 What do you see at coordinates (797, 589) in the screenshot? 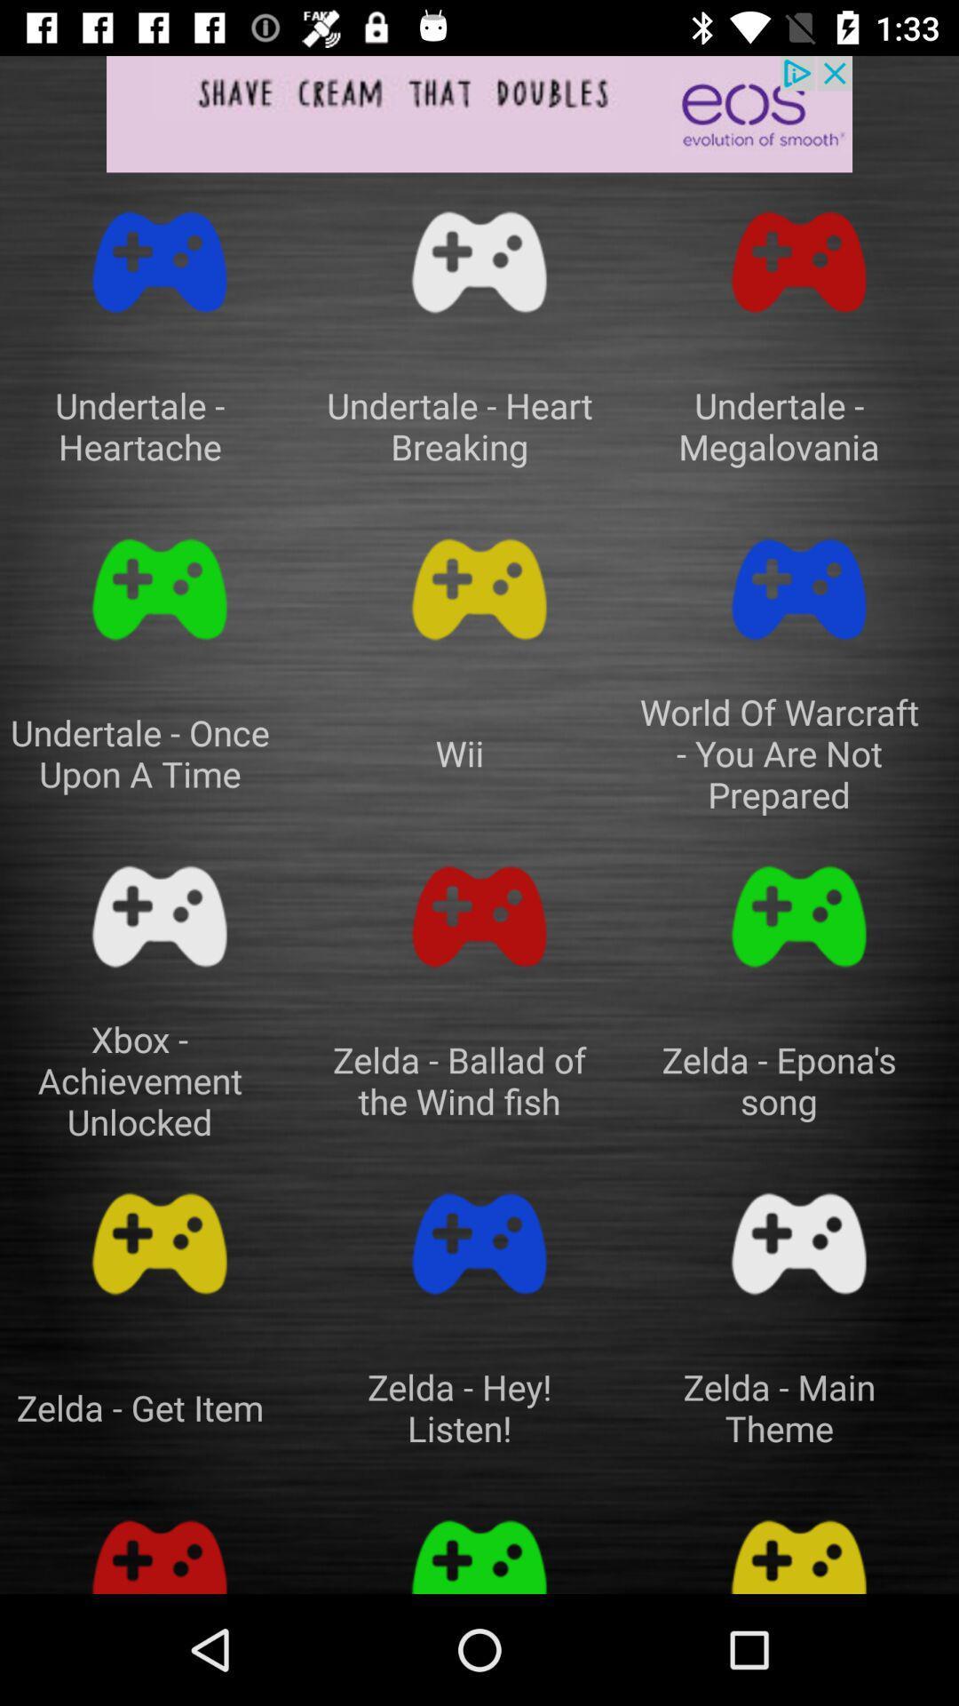
I see `open world of warcraft game` at bounding box center [797, 589].